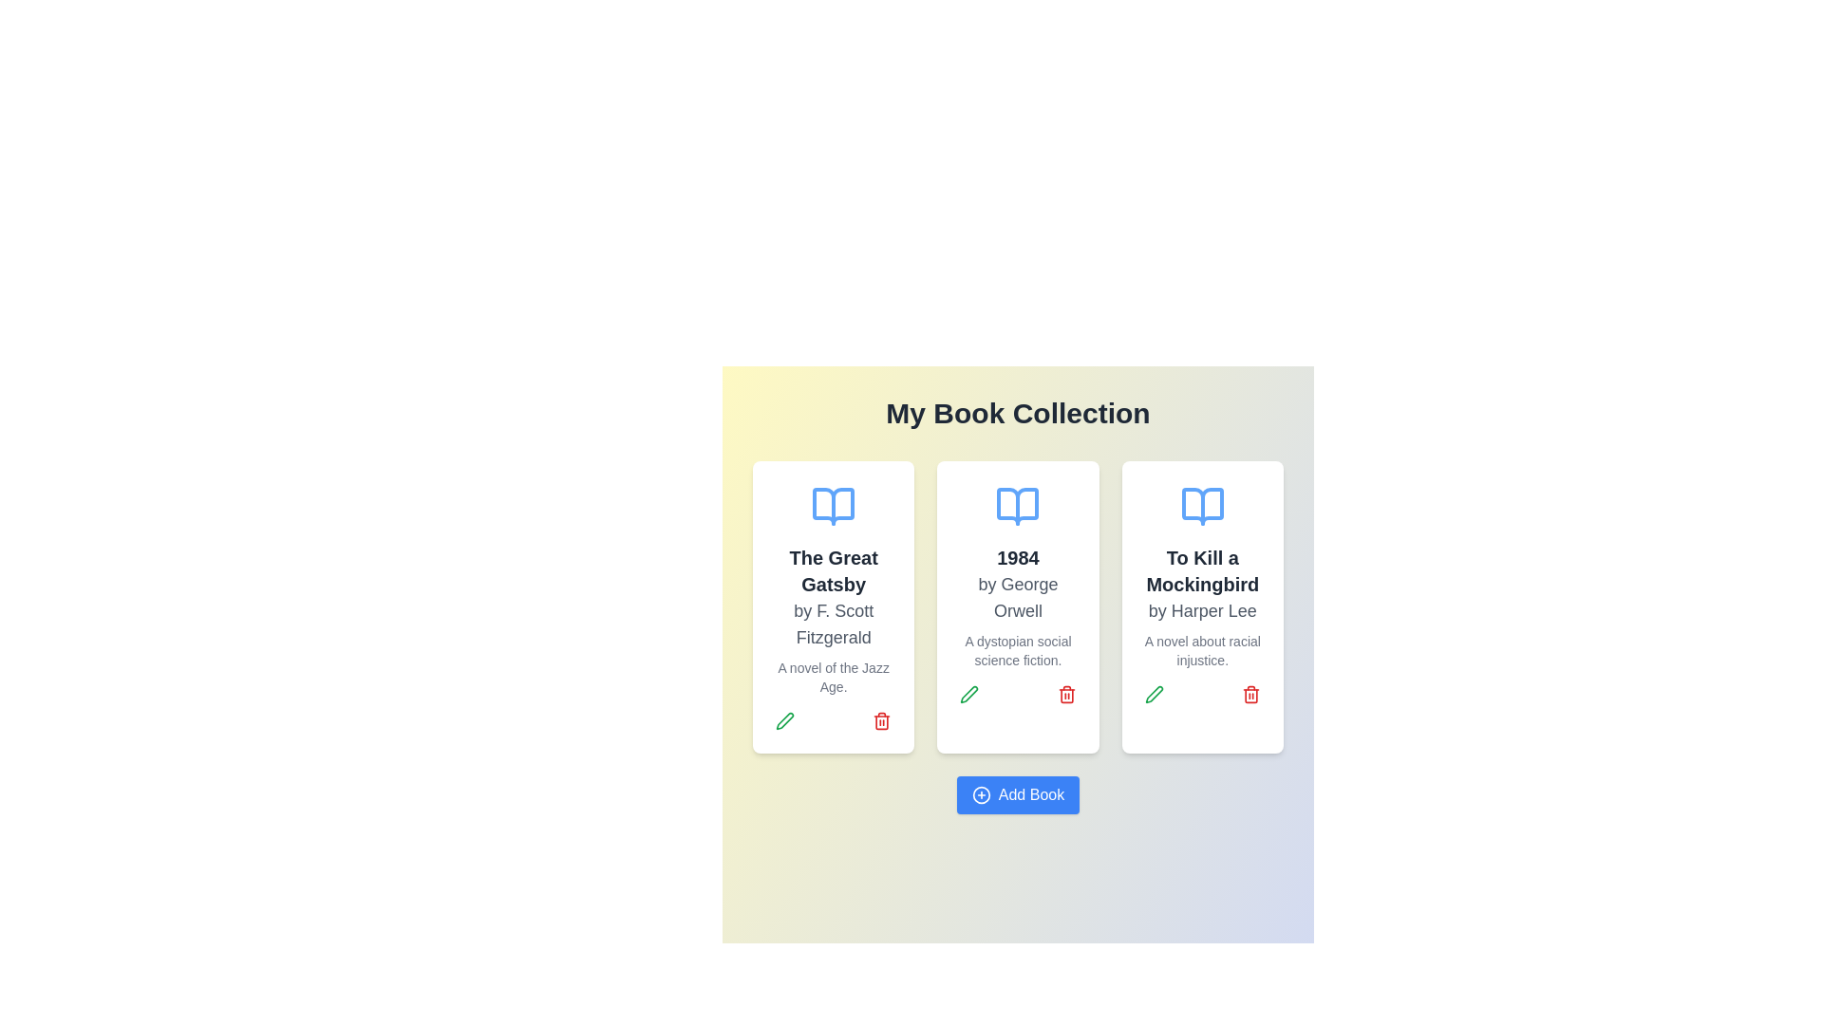  I want to click on to select the book entry card displayed in the rightmost position of the 'My Book Collection' section, so click(1201, 607).